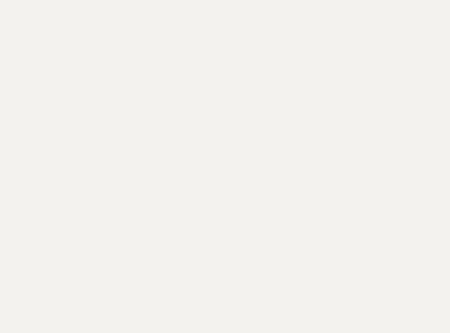 This screenshot has width=450, height=333. Describe the element at coordinates (232, 26) in the screenshot. I see `'Indigo'` at that location.